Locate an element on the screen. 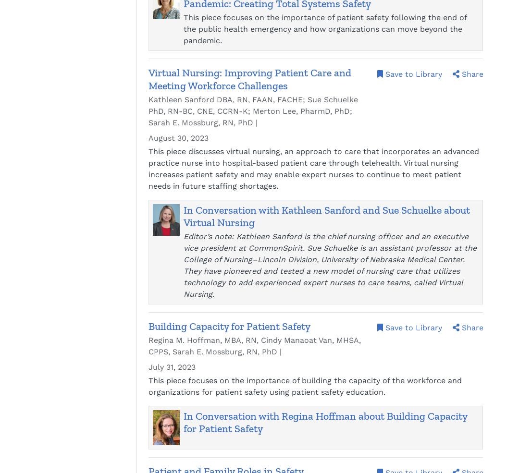 The image size is (507, 473). 'Virtual Nursing: Improving Patient Care and Meeting Workforce Challenges' is located at coordinates (250, 79).